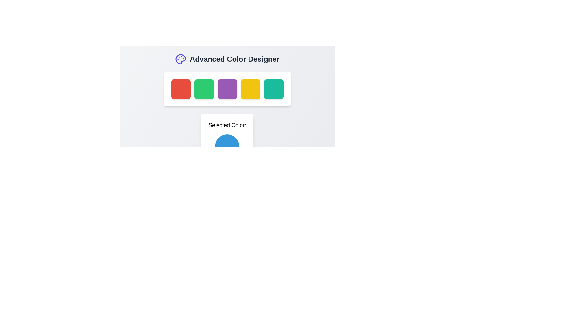 The width and height of the screenshot is (587, 330). I want to click on the icon representing the Advanced Color Designer, which is located to the left of the text heading 'Advanced Color Designer', so click(180, 59).